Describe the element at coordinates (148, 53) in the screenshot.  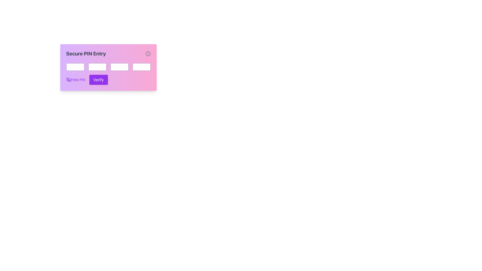
I see `the informational icon located at the top-right corner of the 'Secure PIN Entry' section` at that location.